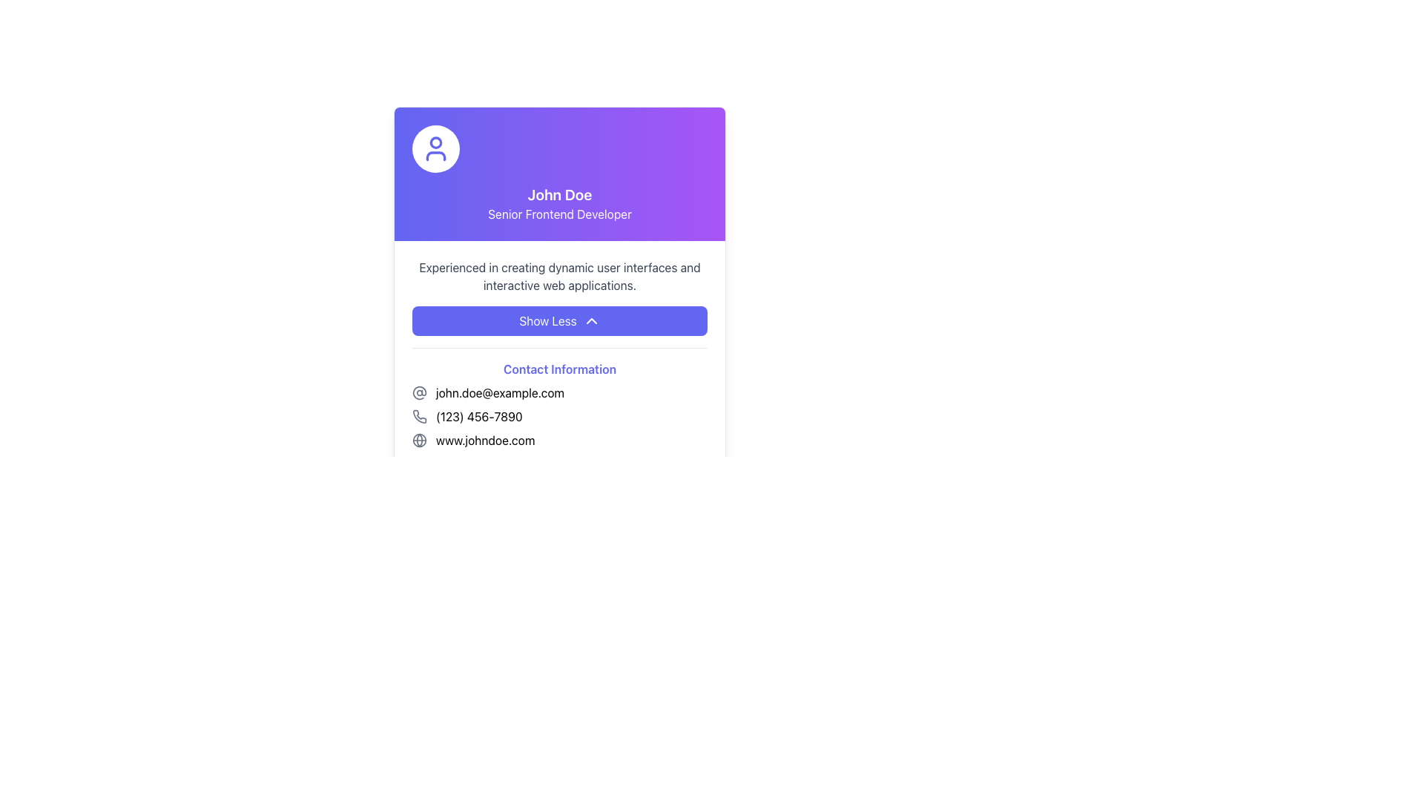  Describe the element at coordinates (558, 320) in the screenshot. I see `the collapse/hide button located below the user interface description` at that location.